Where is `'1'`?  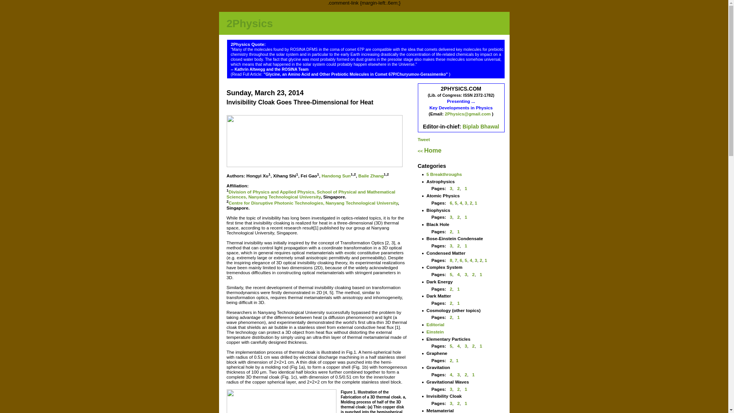 '1' is located at coordinates (466, 403).